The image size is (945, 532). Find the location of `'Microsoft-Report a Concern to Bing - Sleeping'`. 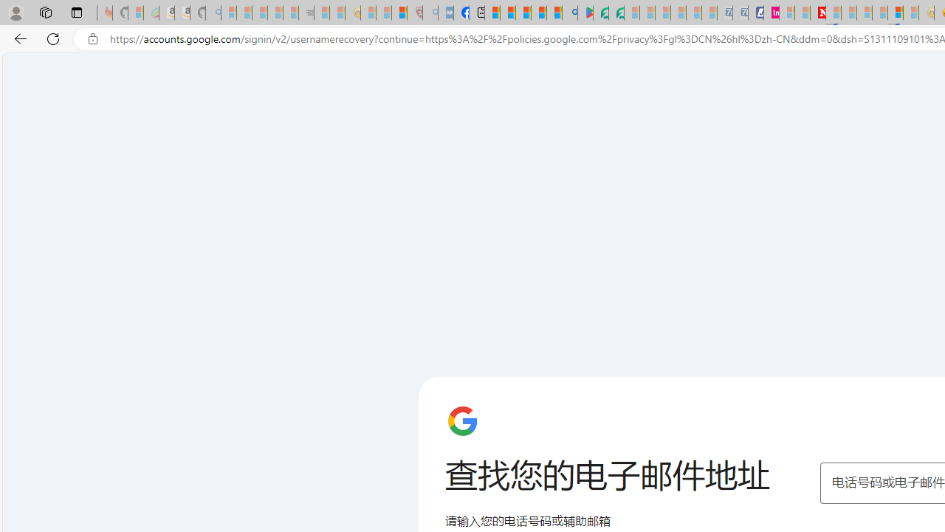

'Microsoft-Report a Concern to Bing - Sleeping' is located at coordinates (136, 13).